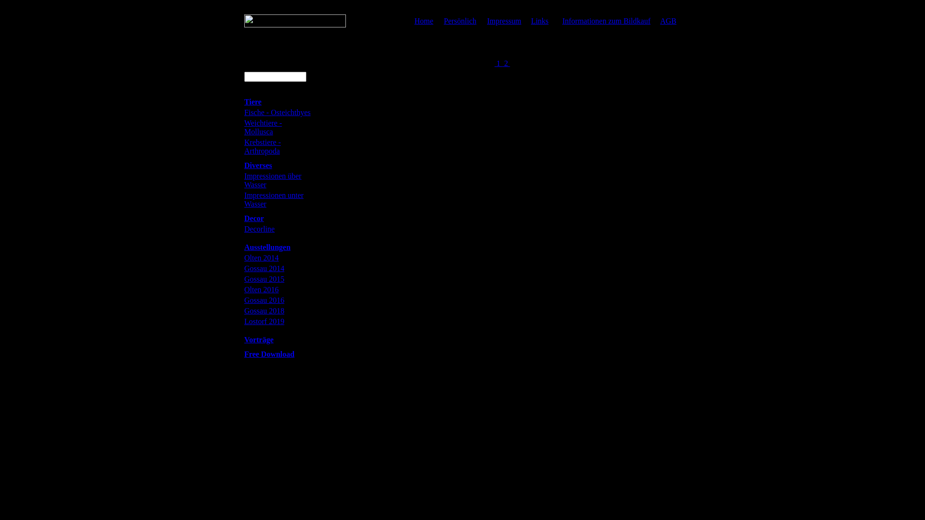 The height and width of the screenshot is (520, 925). I want to click on 'Fische - Osteichthyes', so click(277, 112).